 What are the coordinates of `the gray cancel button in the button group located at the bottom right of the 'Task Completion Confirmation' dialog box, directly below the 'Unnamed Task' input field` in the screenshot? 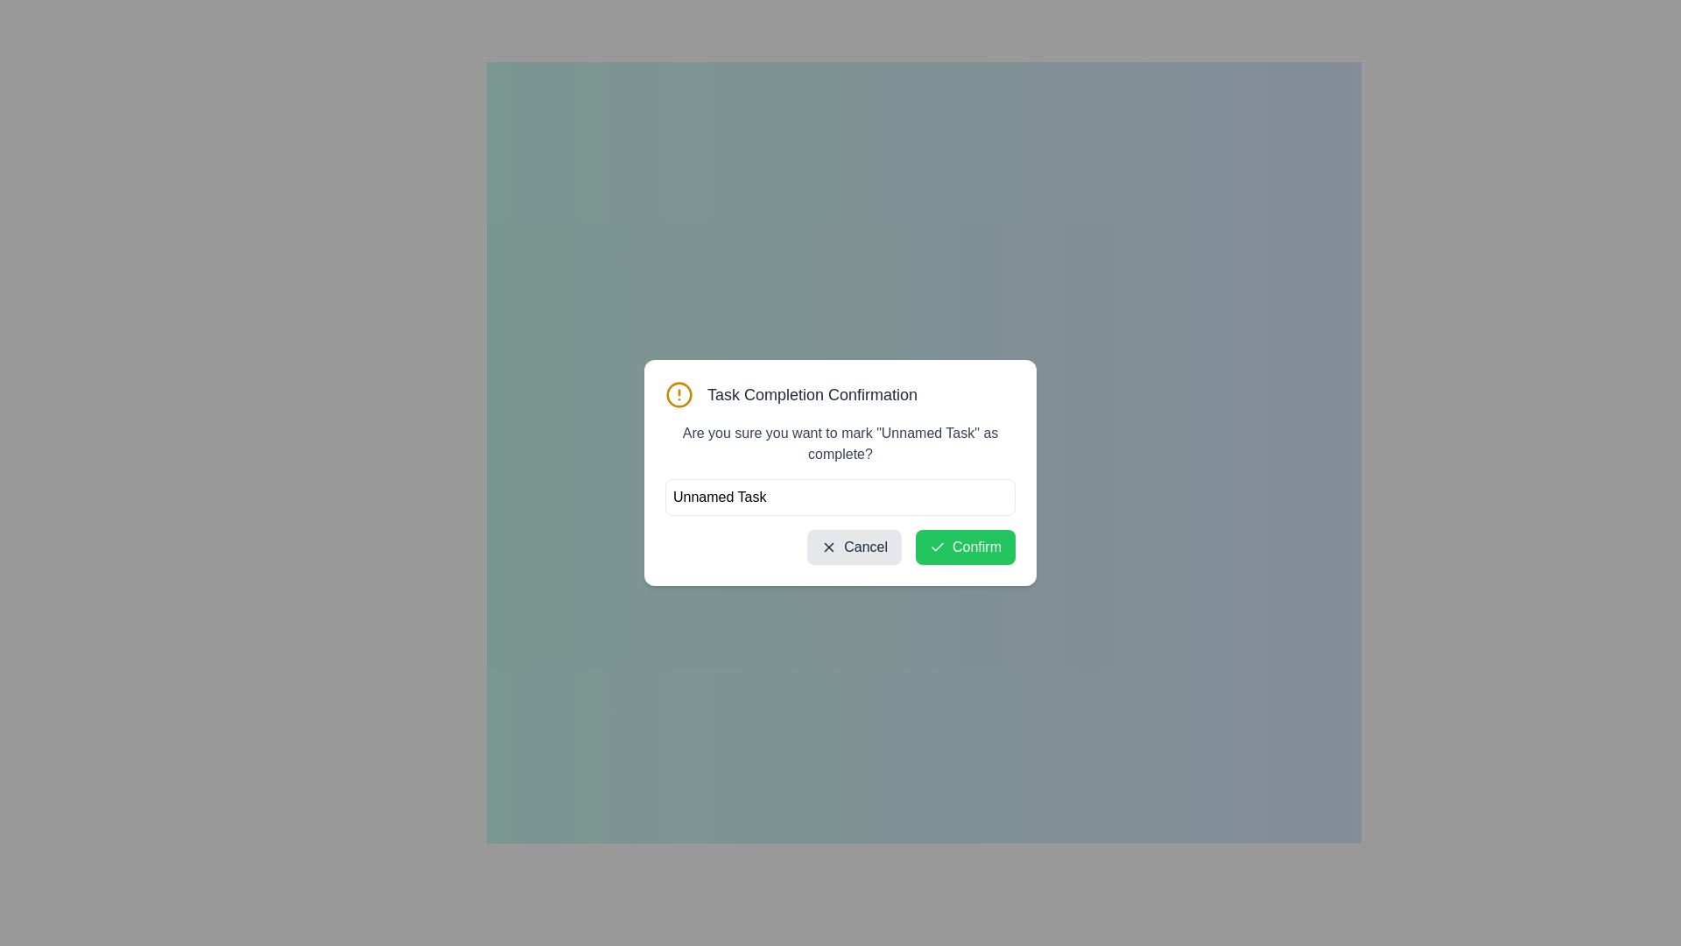 It's located at (840, 546).